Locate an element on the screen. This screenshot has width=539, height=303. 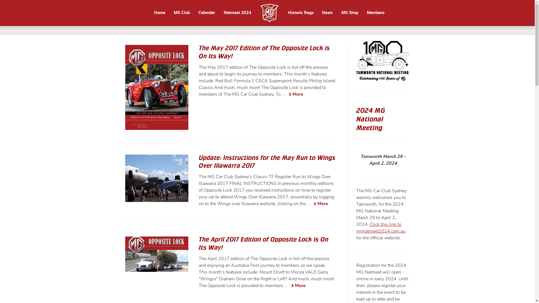
'More' is located at coordinates (297, 286).